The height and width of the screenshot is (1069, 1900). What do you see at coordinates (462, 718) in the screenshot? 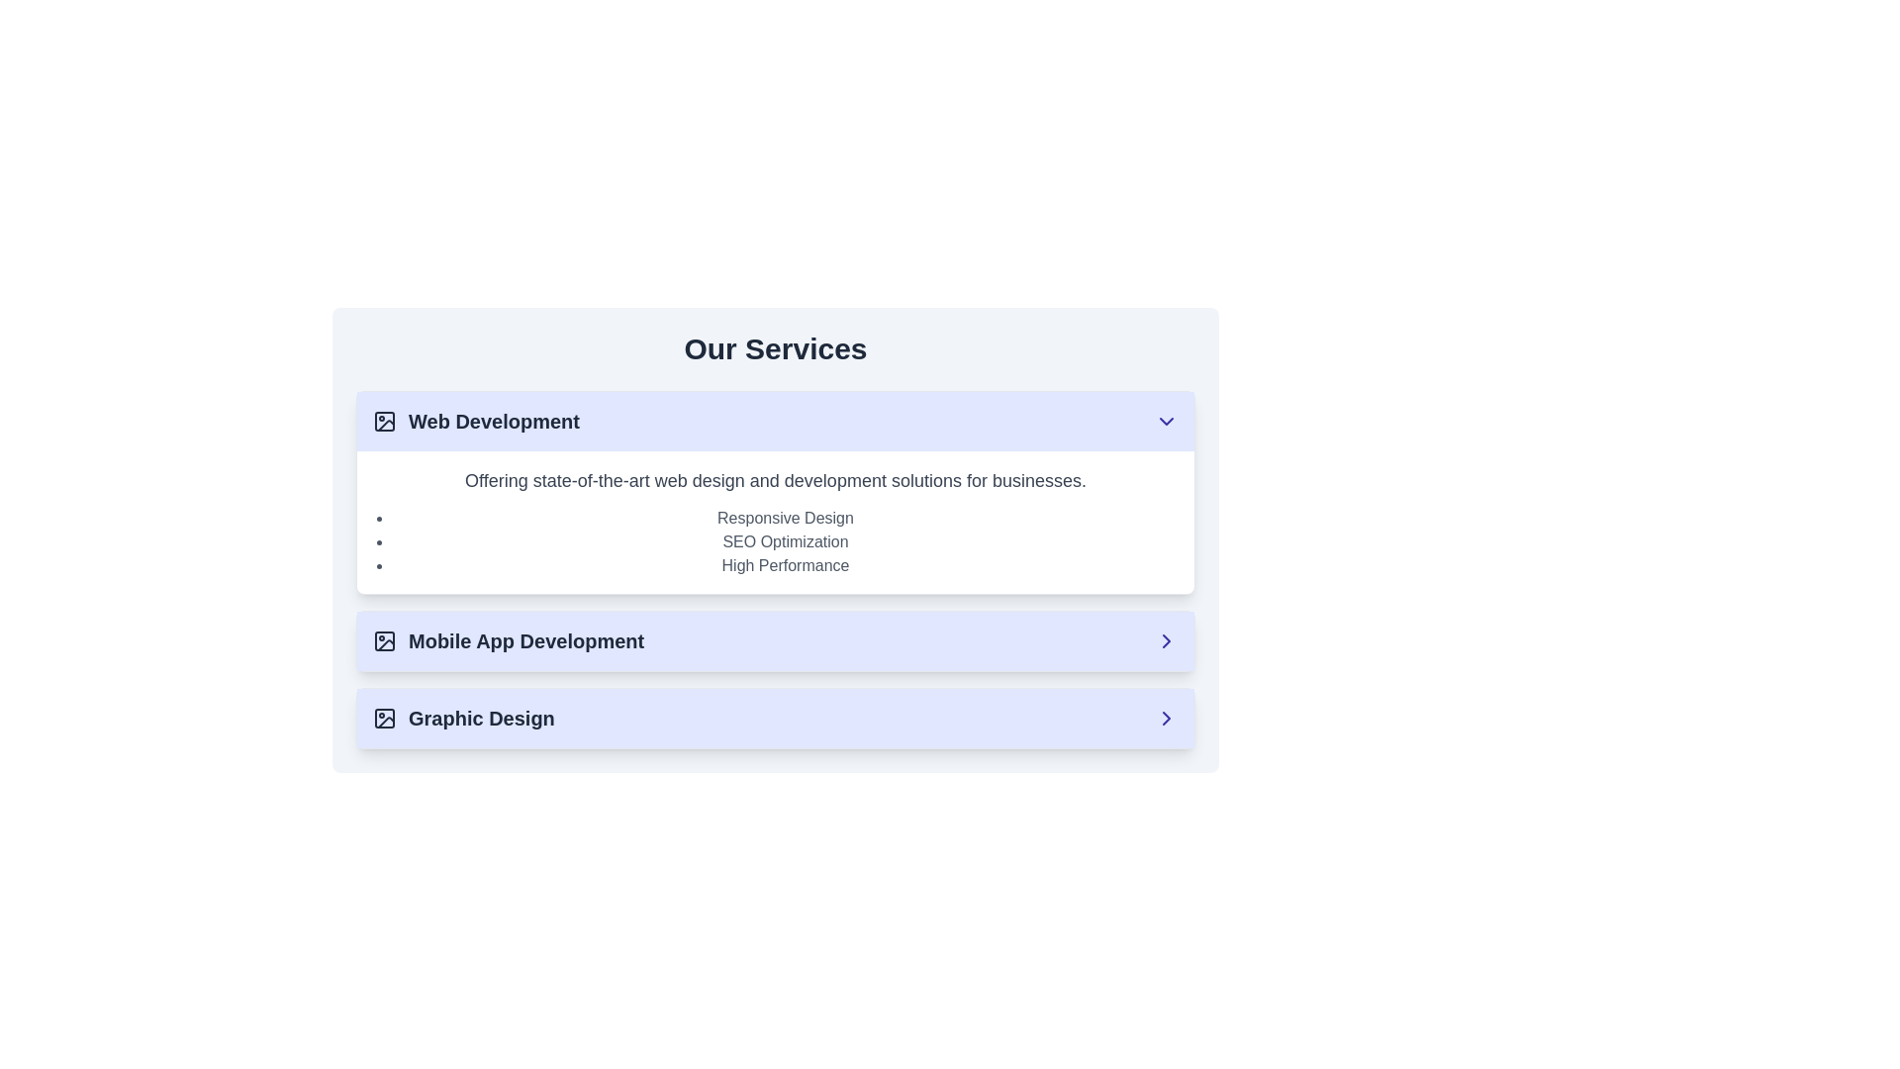
I see `the text label 'Graphic Design'` at bounding box center [462, 718].